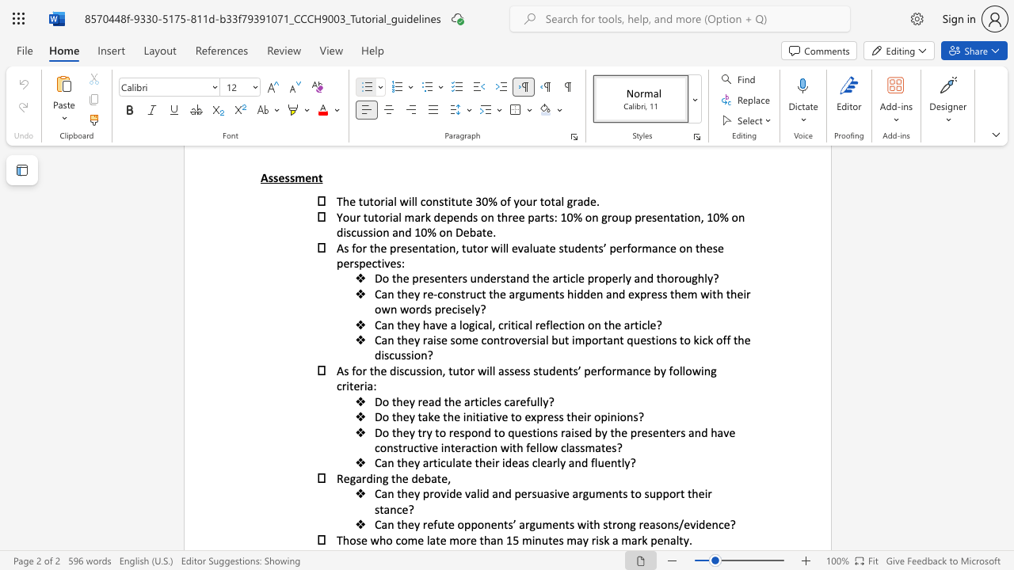 This screenshot has width=1014, height=570. Describe the element at coordinates (512, 370) in the screenshot. I see `the 6th character "s" in the text` at that location.